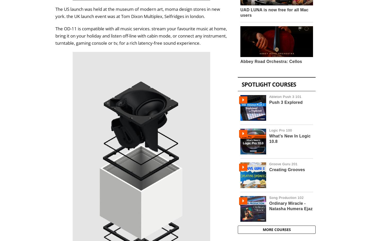  What do you see at coordinates (274, 12) in the screenshot?
I see `'UAD LUNA is now free for all Mac users'` at bounding box center [274, 12].